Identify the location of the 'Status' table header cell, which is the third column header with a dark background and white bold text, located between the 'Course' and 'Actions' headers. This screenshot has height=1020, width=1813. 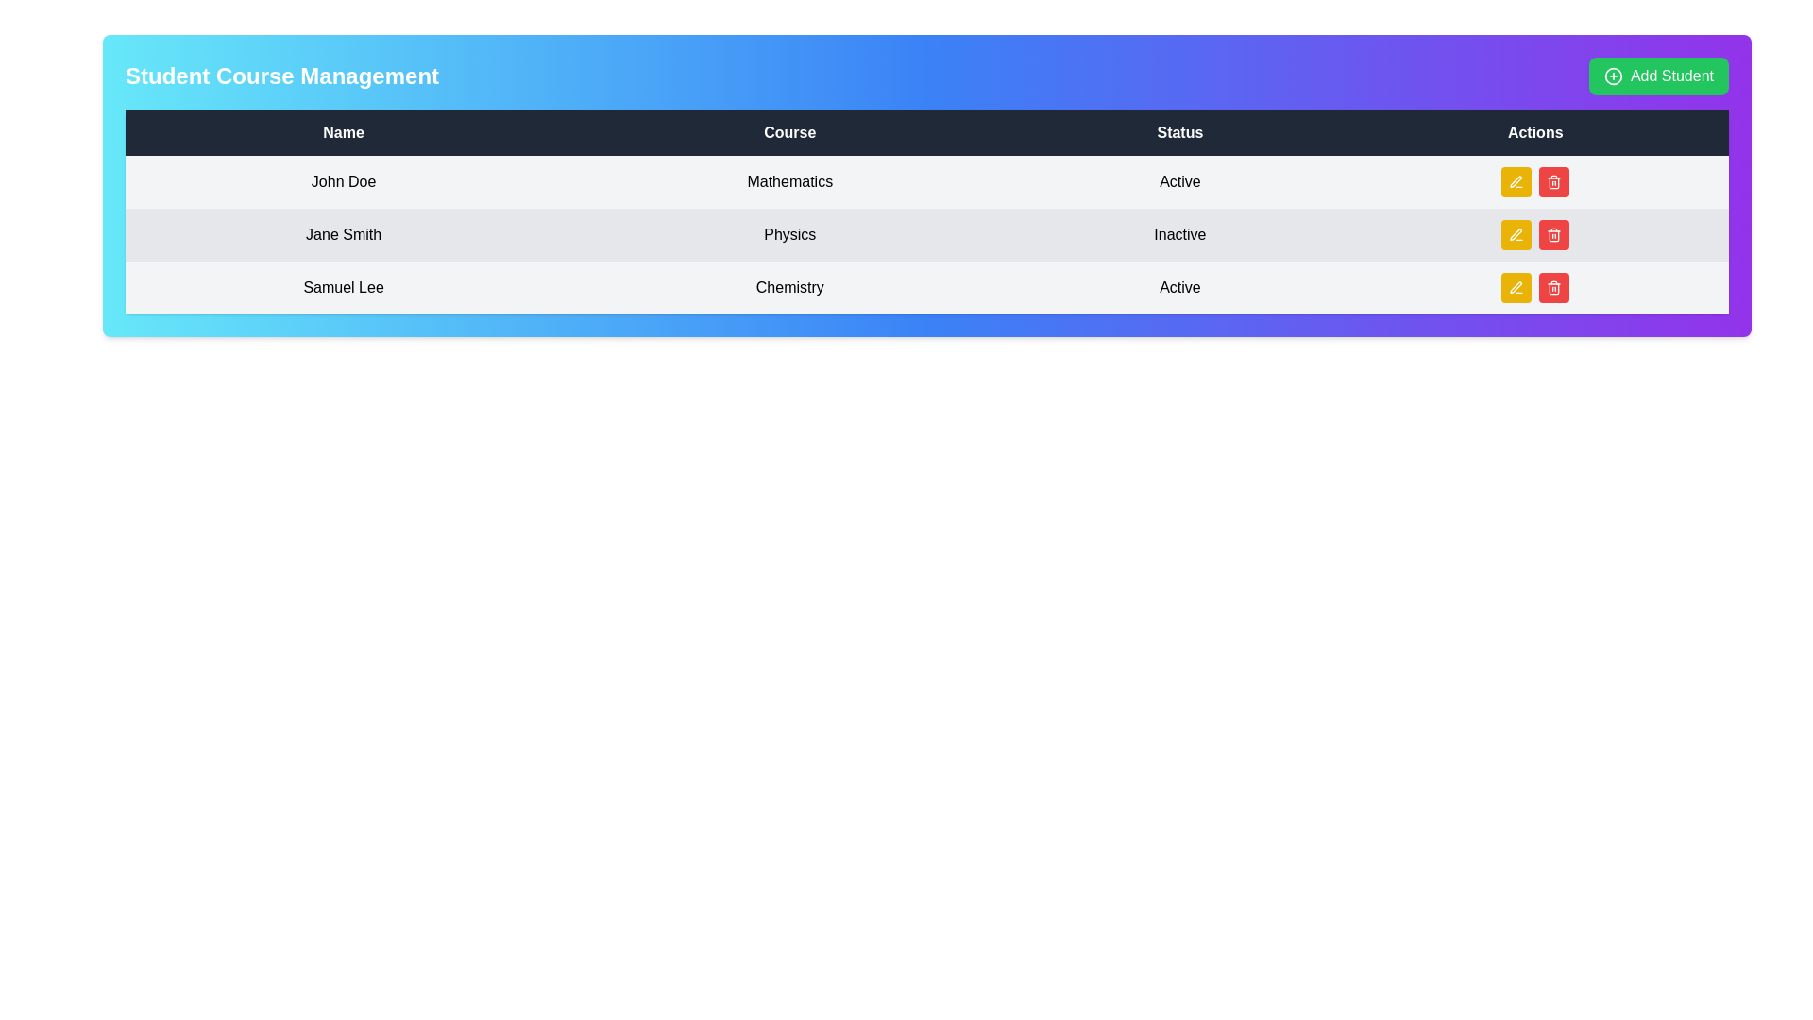
(1178, 132).